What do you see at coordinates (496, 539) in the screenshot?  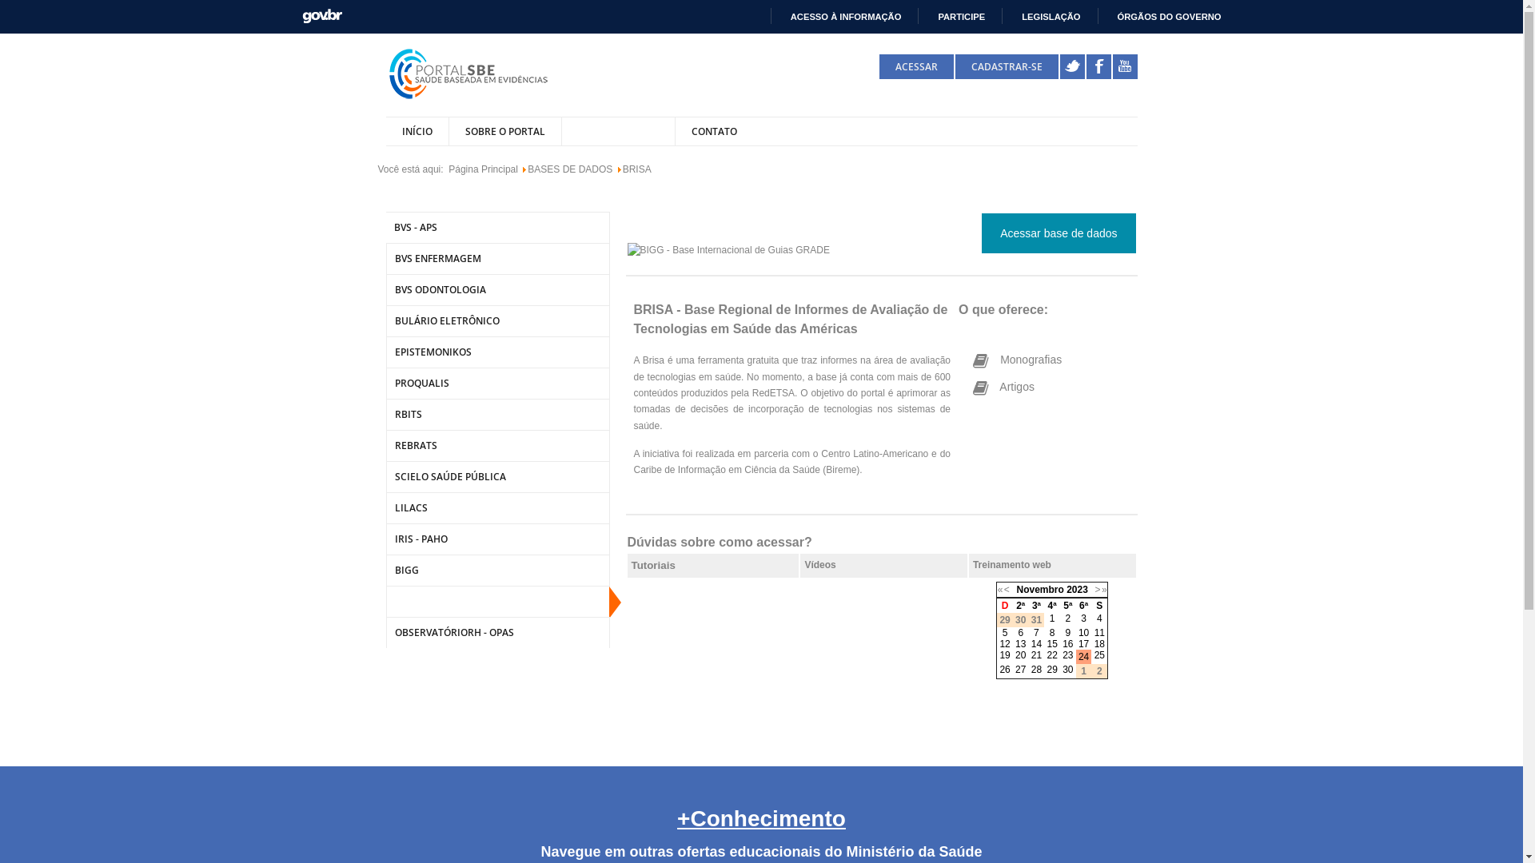 I see `'IRIS - PAHO'` at bounding box center [496, 539].